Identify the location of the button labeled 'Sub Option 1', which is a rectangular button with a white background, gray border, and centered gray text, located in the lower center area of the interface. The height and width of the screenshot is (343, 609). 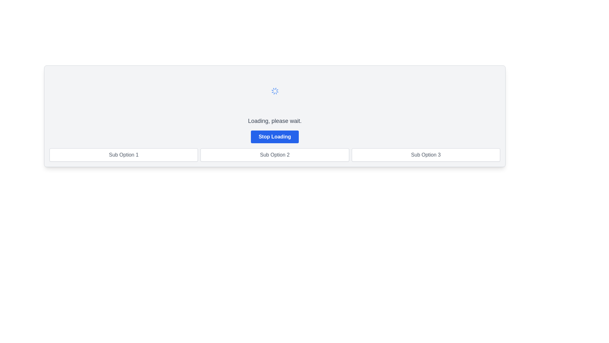
(124, 155).